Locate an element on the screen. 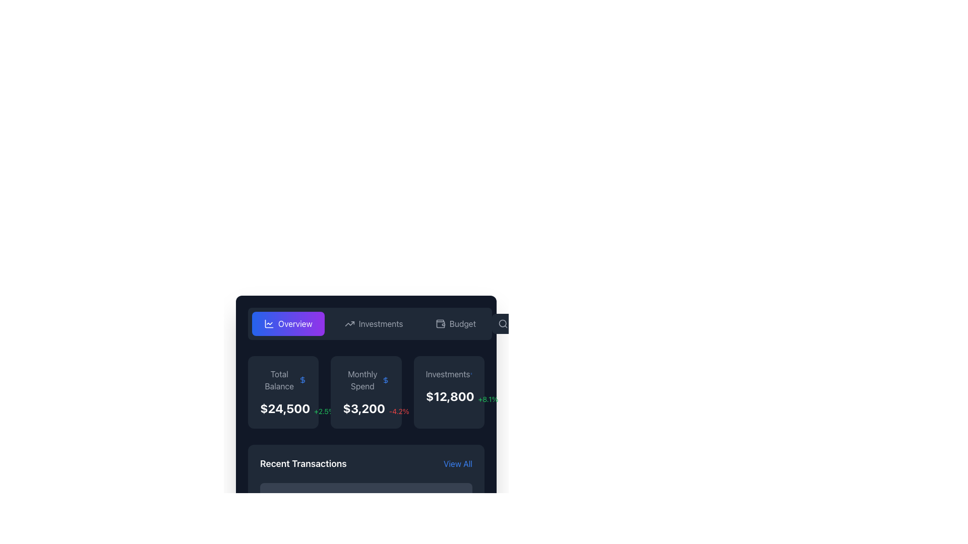 This screenshot has height=544, width=968. the static text label that indicates a decrease of 4.2% in the 'Monthly Spend' section, positioned right of the '$3,200' text is located at coordinates (398, 412).